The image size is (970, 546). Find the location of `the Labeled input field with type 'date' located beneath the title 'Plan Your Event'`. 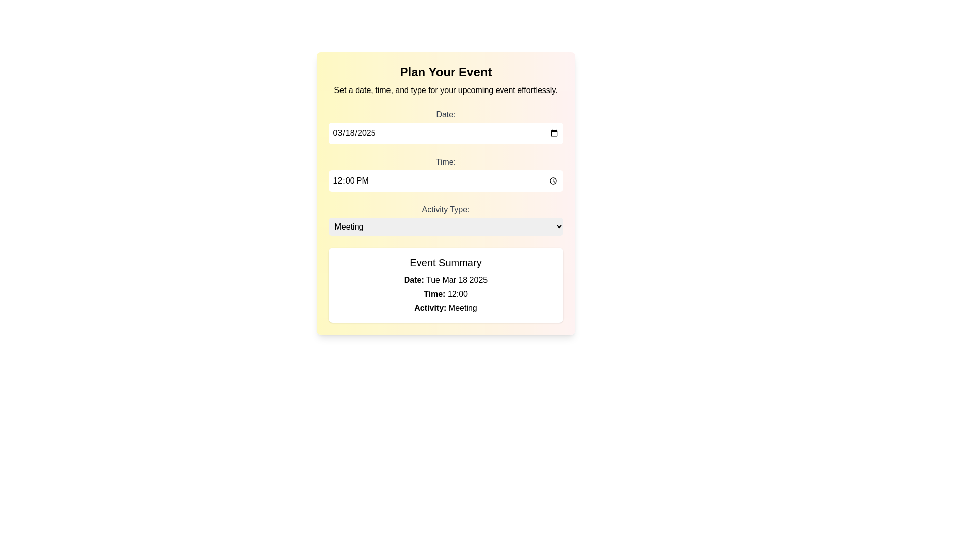

the Labeled input field with type 'date' located beneath the title 'Plan Your Event' is located at coordinates (445, 126).